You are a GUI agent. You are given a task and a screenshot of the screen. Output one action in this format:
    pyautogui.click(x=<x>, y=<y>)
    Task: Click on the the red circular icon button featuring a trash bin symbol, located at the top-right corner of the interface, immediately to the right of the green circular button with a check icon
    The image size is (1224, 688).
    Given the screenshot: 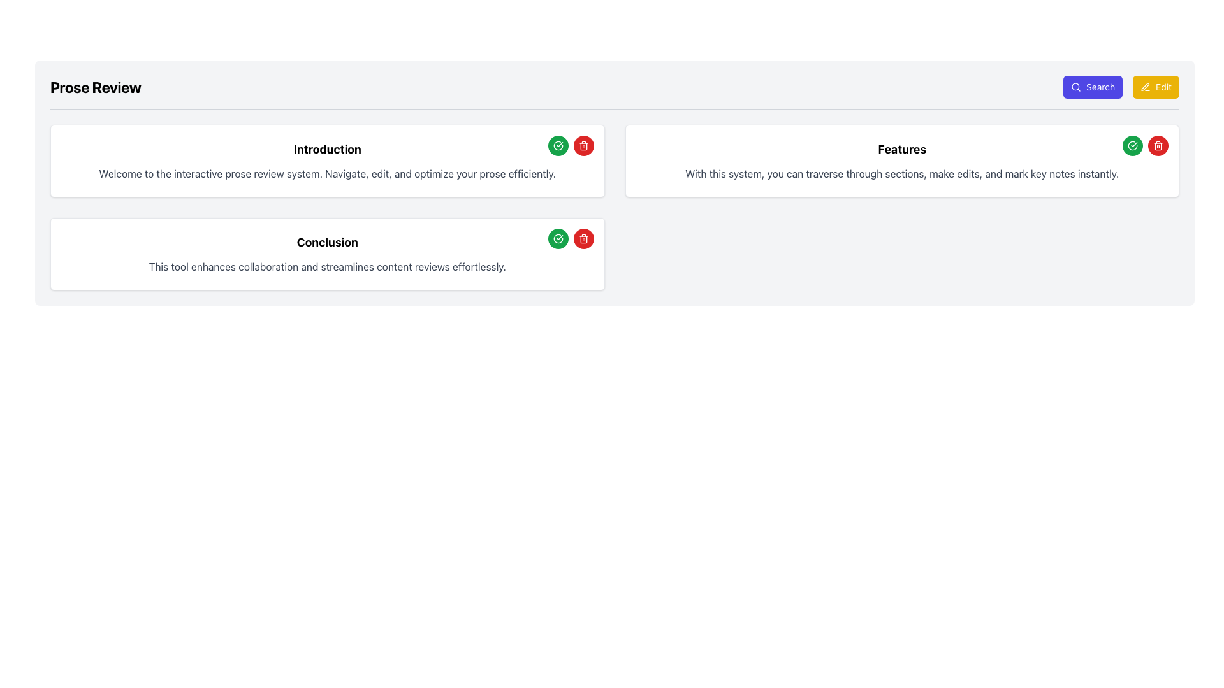 What is the action you would take?
    pyautogui.click(x=583, y=145)
    